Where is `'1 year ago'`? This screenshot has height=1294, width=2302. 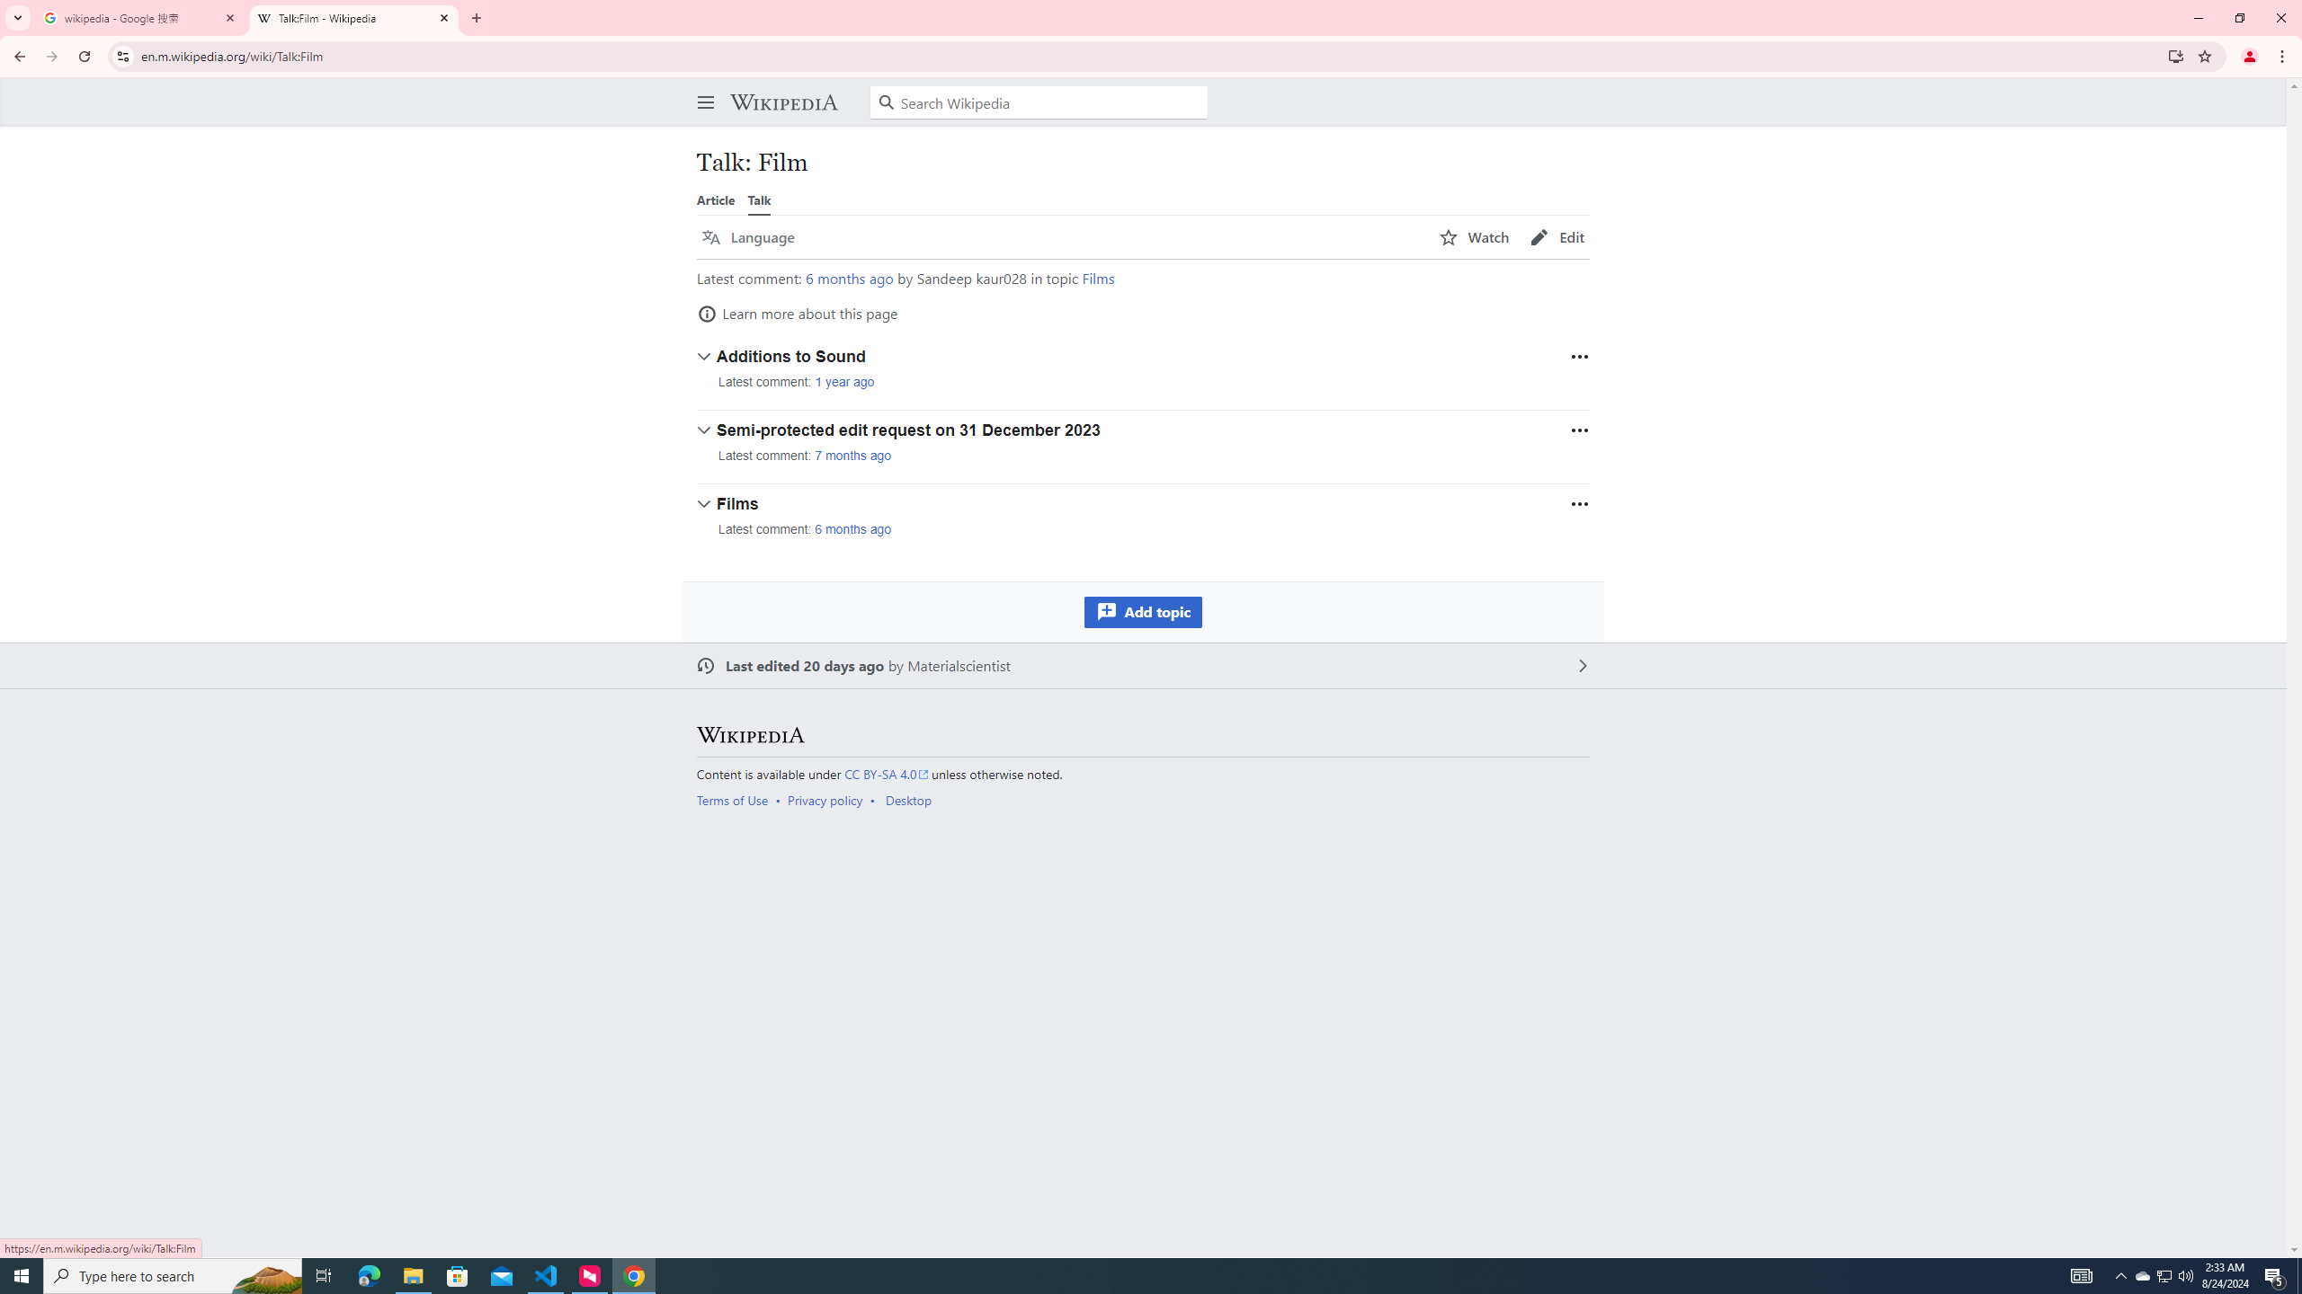 '1 year ago' is located at coordinates (843, 382).